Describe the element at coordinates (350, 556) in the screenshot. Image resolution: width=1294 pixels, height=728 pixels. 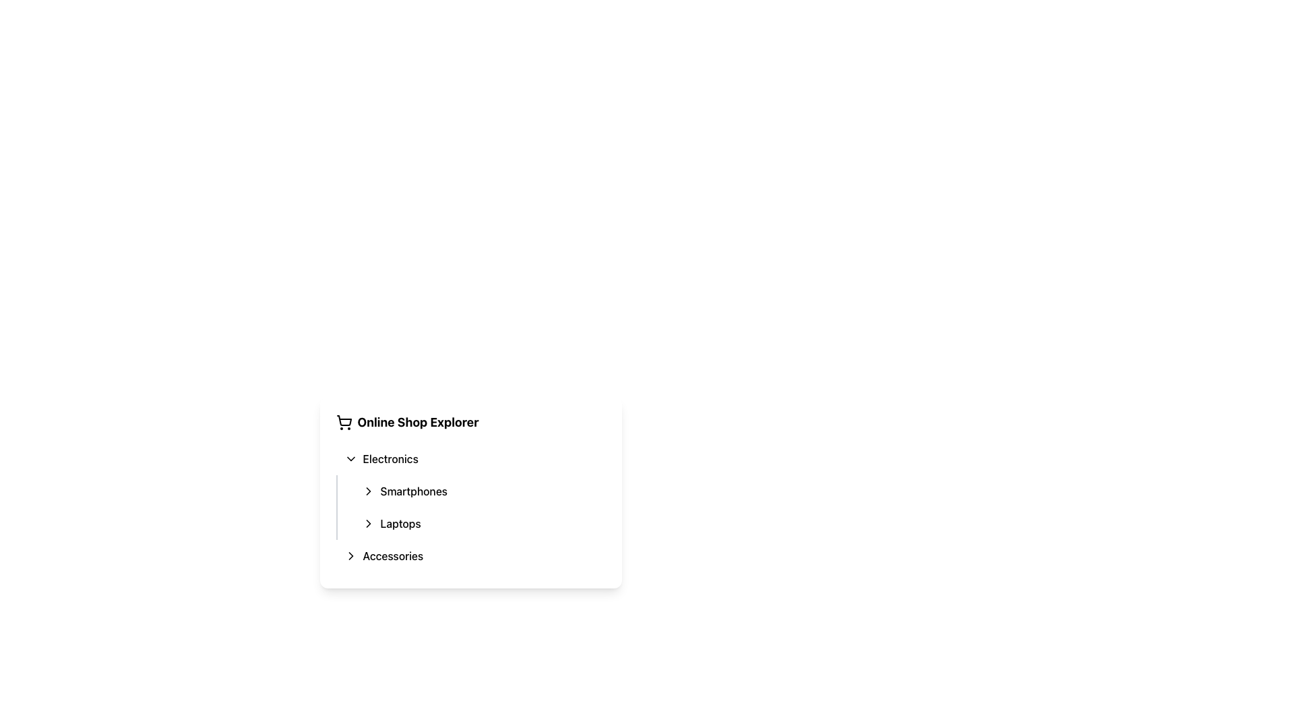
I see `the chevron-shaped icon pointing to the right, located to the left of the 'Accessories' text label` at that location.